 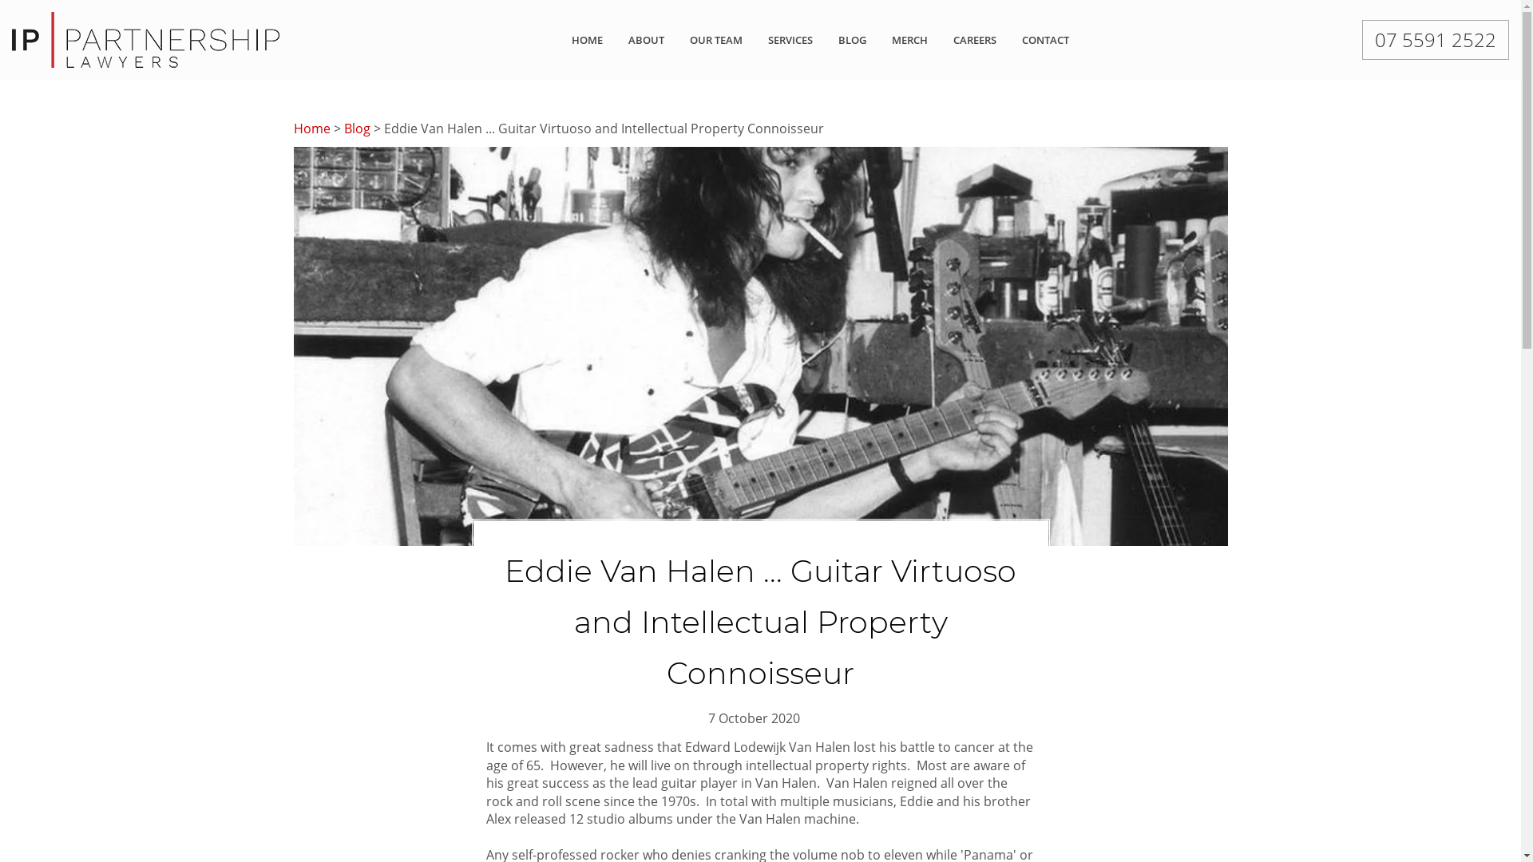 I want to click on 'CONTACT', so click(x=1045, y=39).